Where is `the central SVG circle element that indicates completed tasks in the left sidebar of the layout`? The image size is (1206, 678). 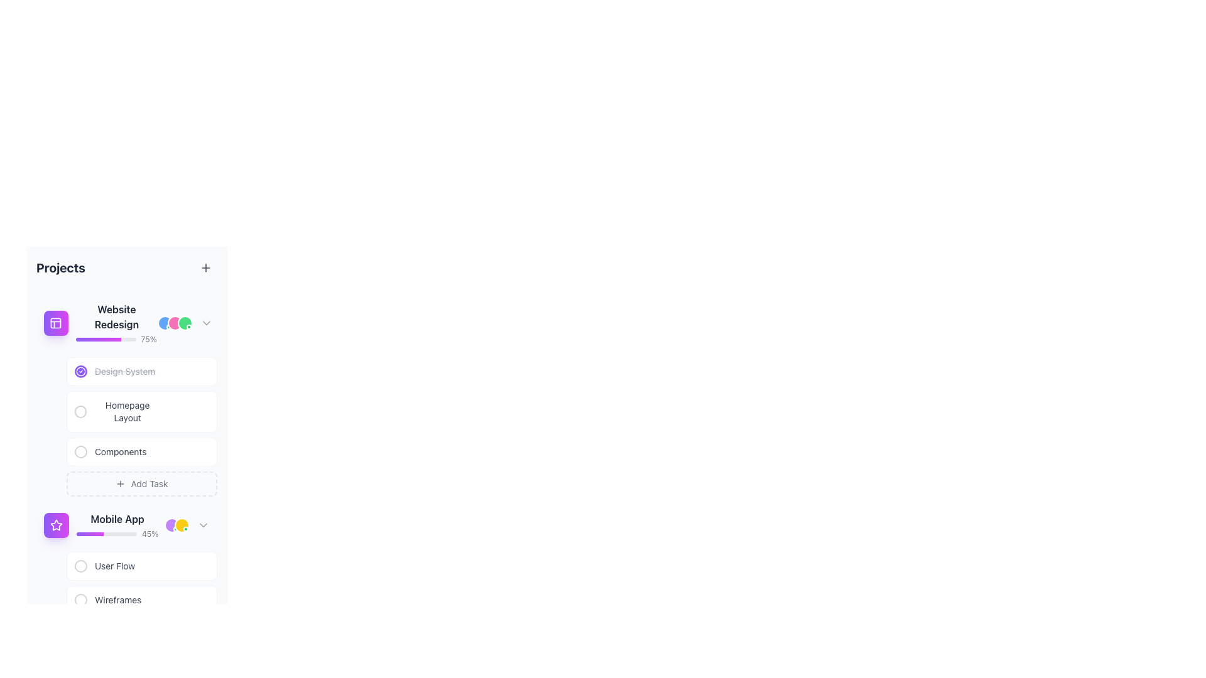
the central SVG circle element that indicates completed tasks in the left sidebar of the layout is located at coordinates (80, 370).